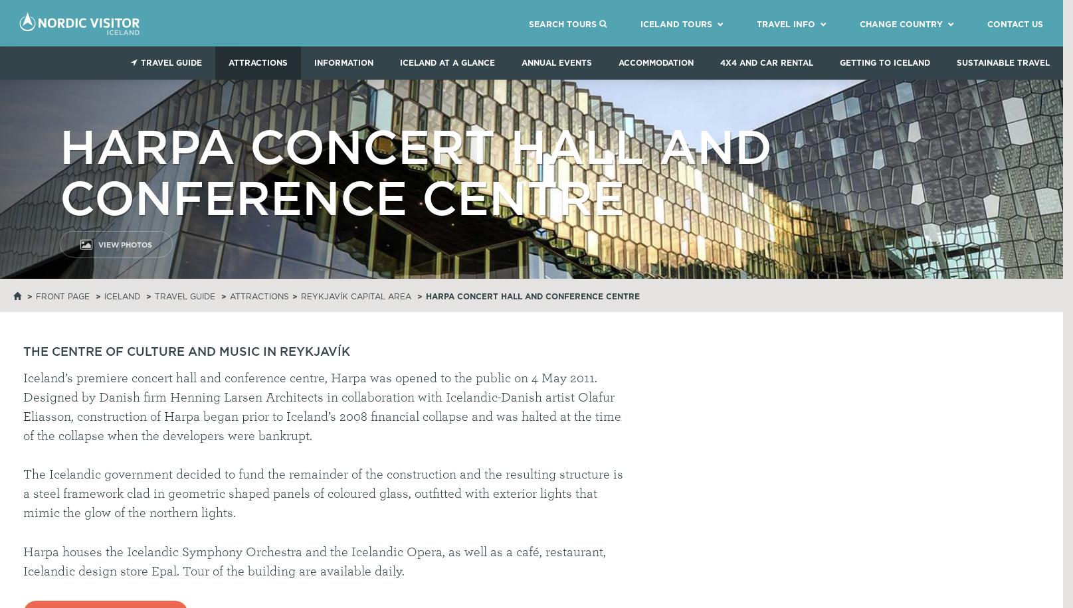 The height and width of the screenshot is (608, 1073). I want to click on 'Iceland Tours', so click(675, 23).